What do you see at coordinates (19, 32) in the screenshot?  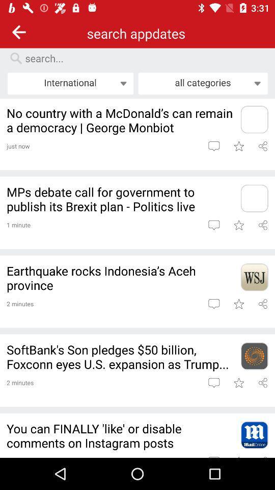 I see `the arrow_backward icon` at bounding box center [19, 32].